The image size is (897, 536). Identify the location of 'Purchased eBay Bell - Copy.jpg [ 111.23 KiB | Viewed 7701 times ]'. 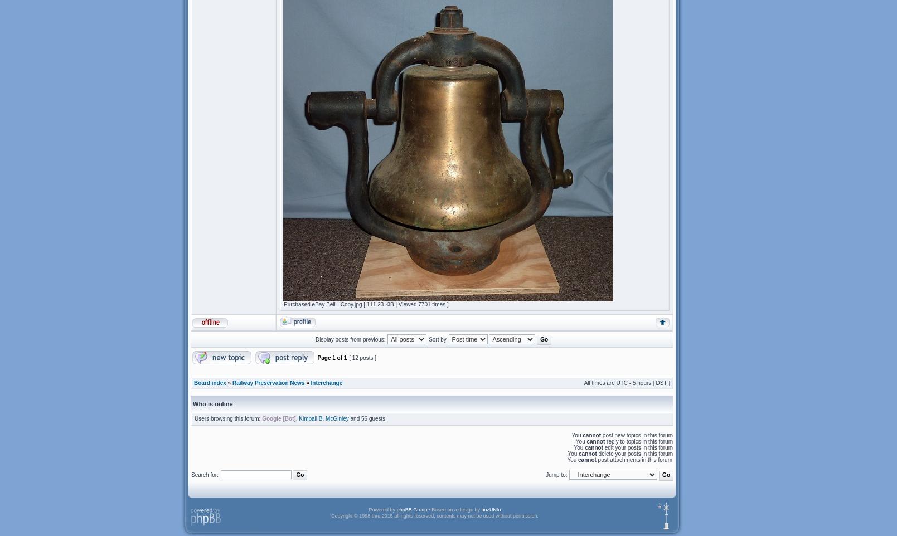
(365, 304).